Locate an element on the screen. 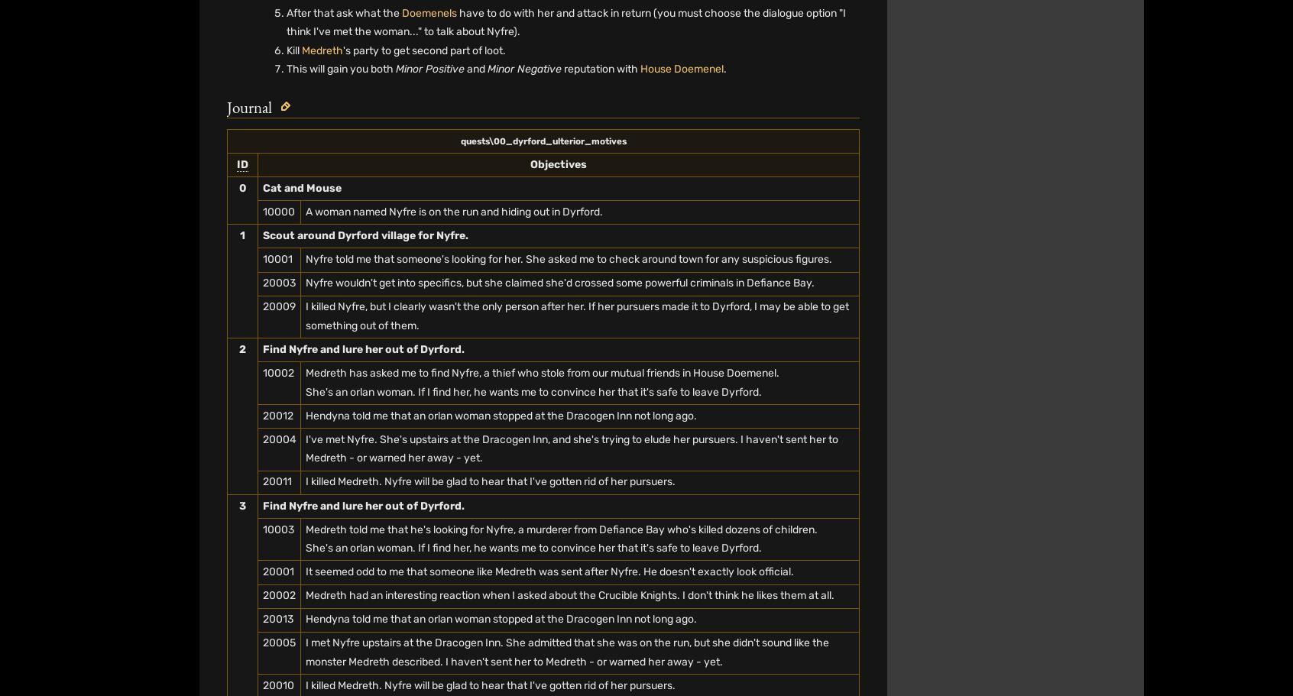 This screenshot has height=696, width=1293. 'Do Not Sell or Share My Personal Information' is located at coordinates (758, 34).